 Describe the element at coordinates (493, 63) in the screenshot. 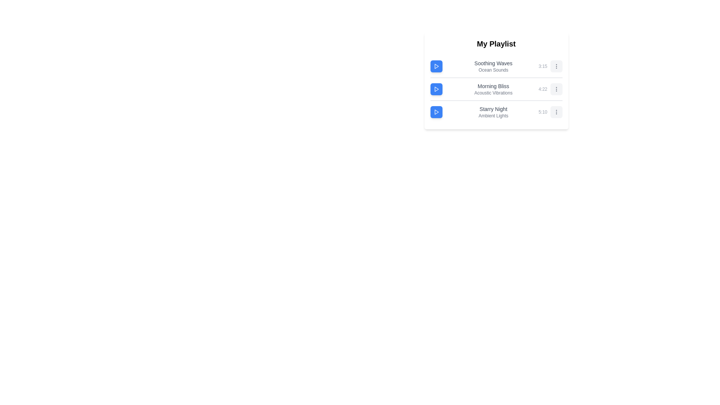

I see `the title text label of the topmost item in the 'My Playlist' section that provides the name of the audio track, located near the left edge and above the subtitle 'Ocean Sounds'` at that location.